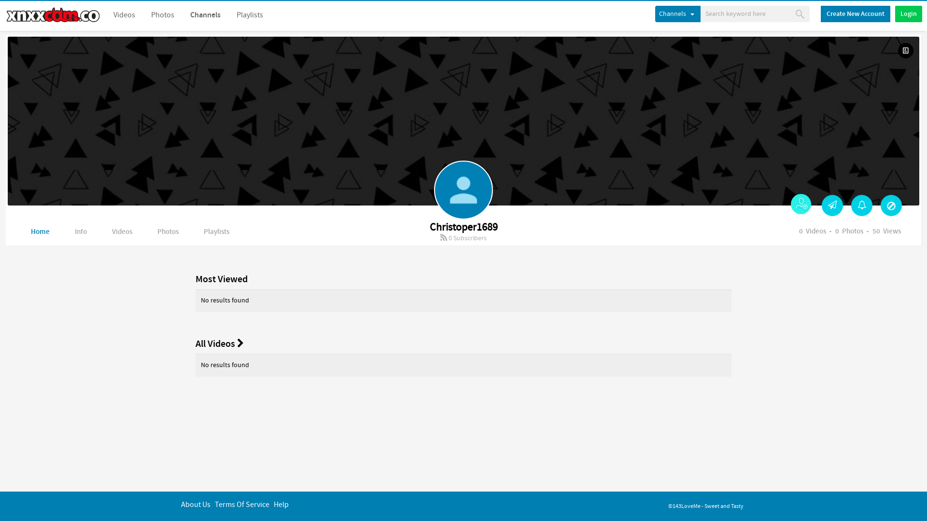 Image resolution: width=927 pixels, height=521 pixels. I want to click on 'Help', so click(281, 504).